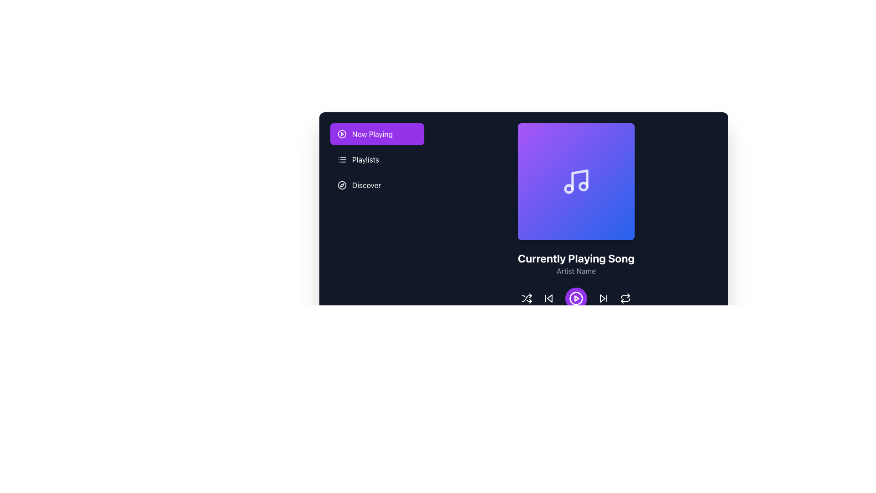 The width and height of the screenshot is (876, 493). What do you see at coordinates (341, 159) in the screenshot?
I see `the 'Playlists' icon located to the left of the 'Playlists' text in the vertical menu` at bounding box center [341, 159].